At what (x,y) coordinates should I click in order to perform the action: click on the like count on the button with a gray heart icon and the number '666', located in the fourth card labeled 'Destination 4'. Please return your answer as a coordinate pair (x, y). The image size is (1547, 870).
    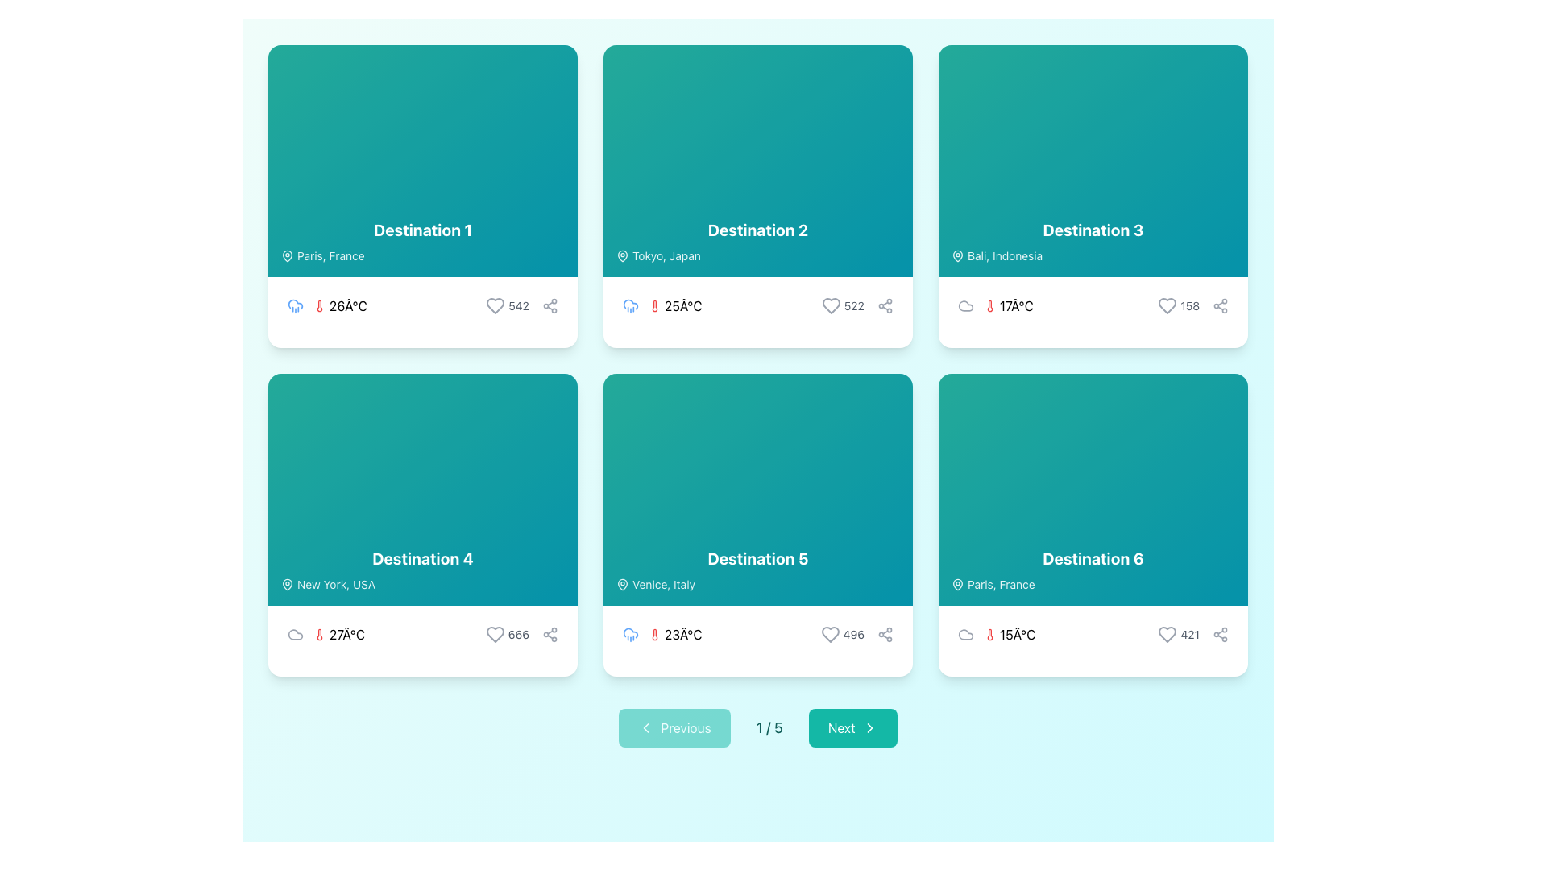
    Looking at the image, I should click on (506, 633).